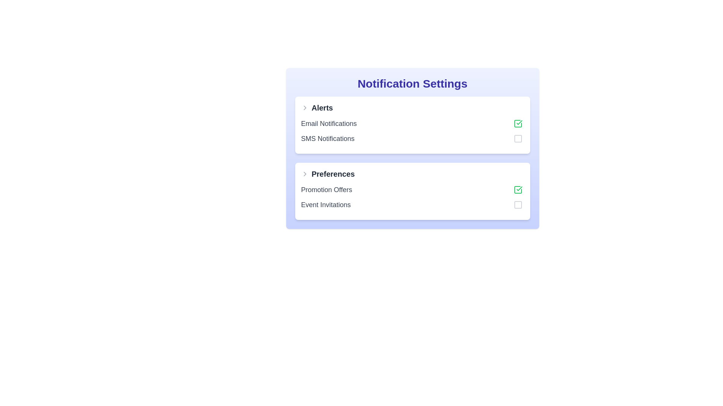 The width and height of the screenshot is (723, 406). I want to click on the checkbox, so click(517, 205).